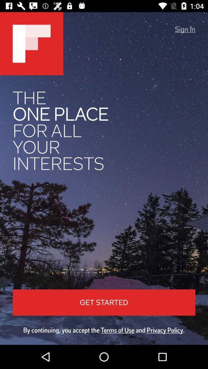  What do you see at coordinates (104, 330) in the screenshot?
I see `the item below the get started item` at bounding box center [104, 330].